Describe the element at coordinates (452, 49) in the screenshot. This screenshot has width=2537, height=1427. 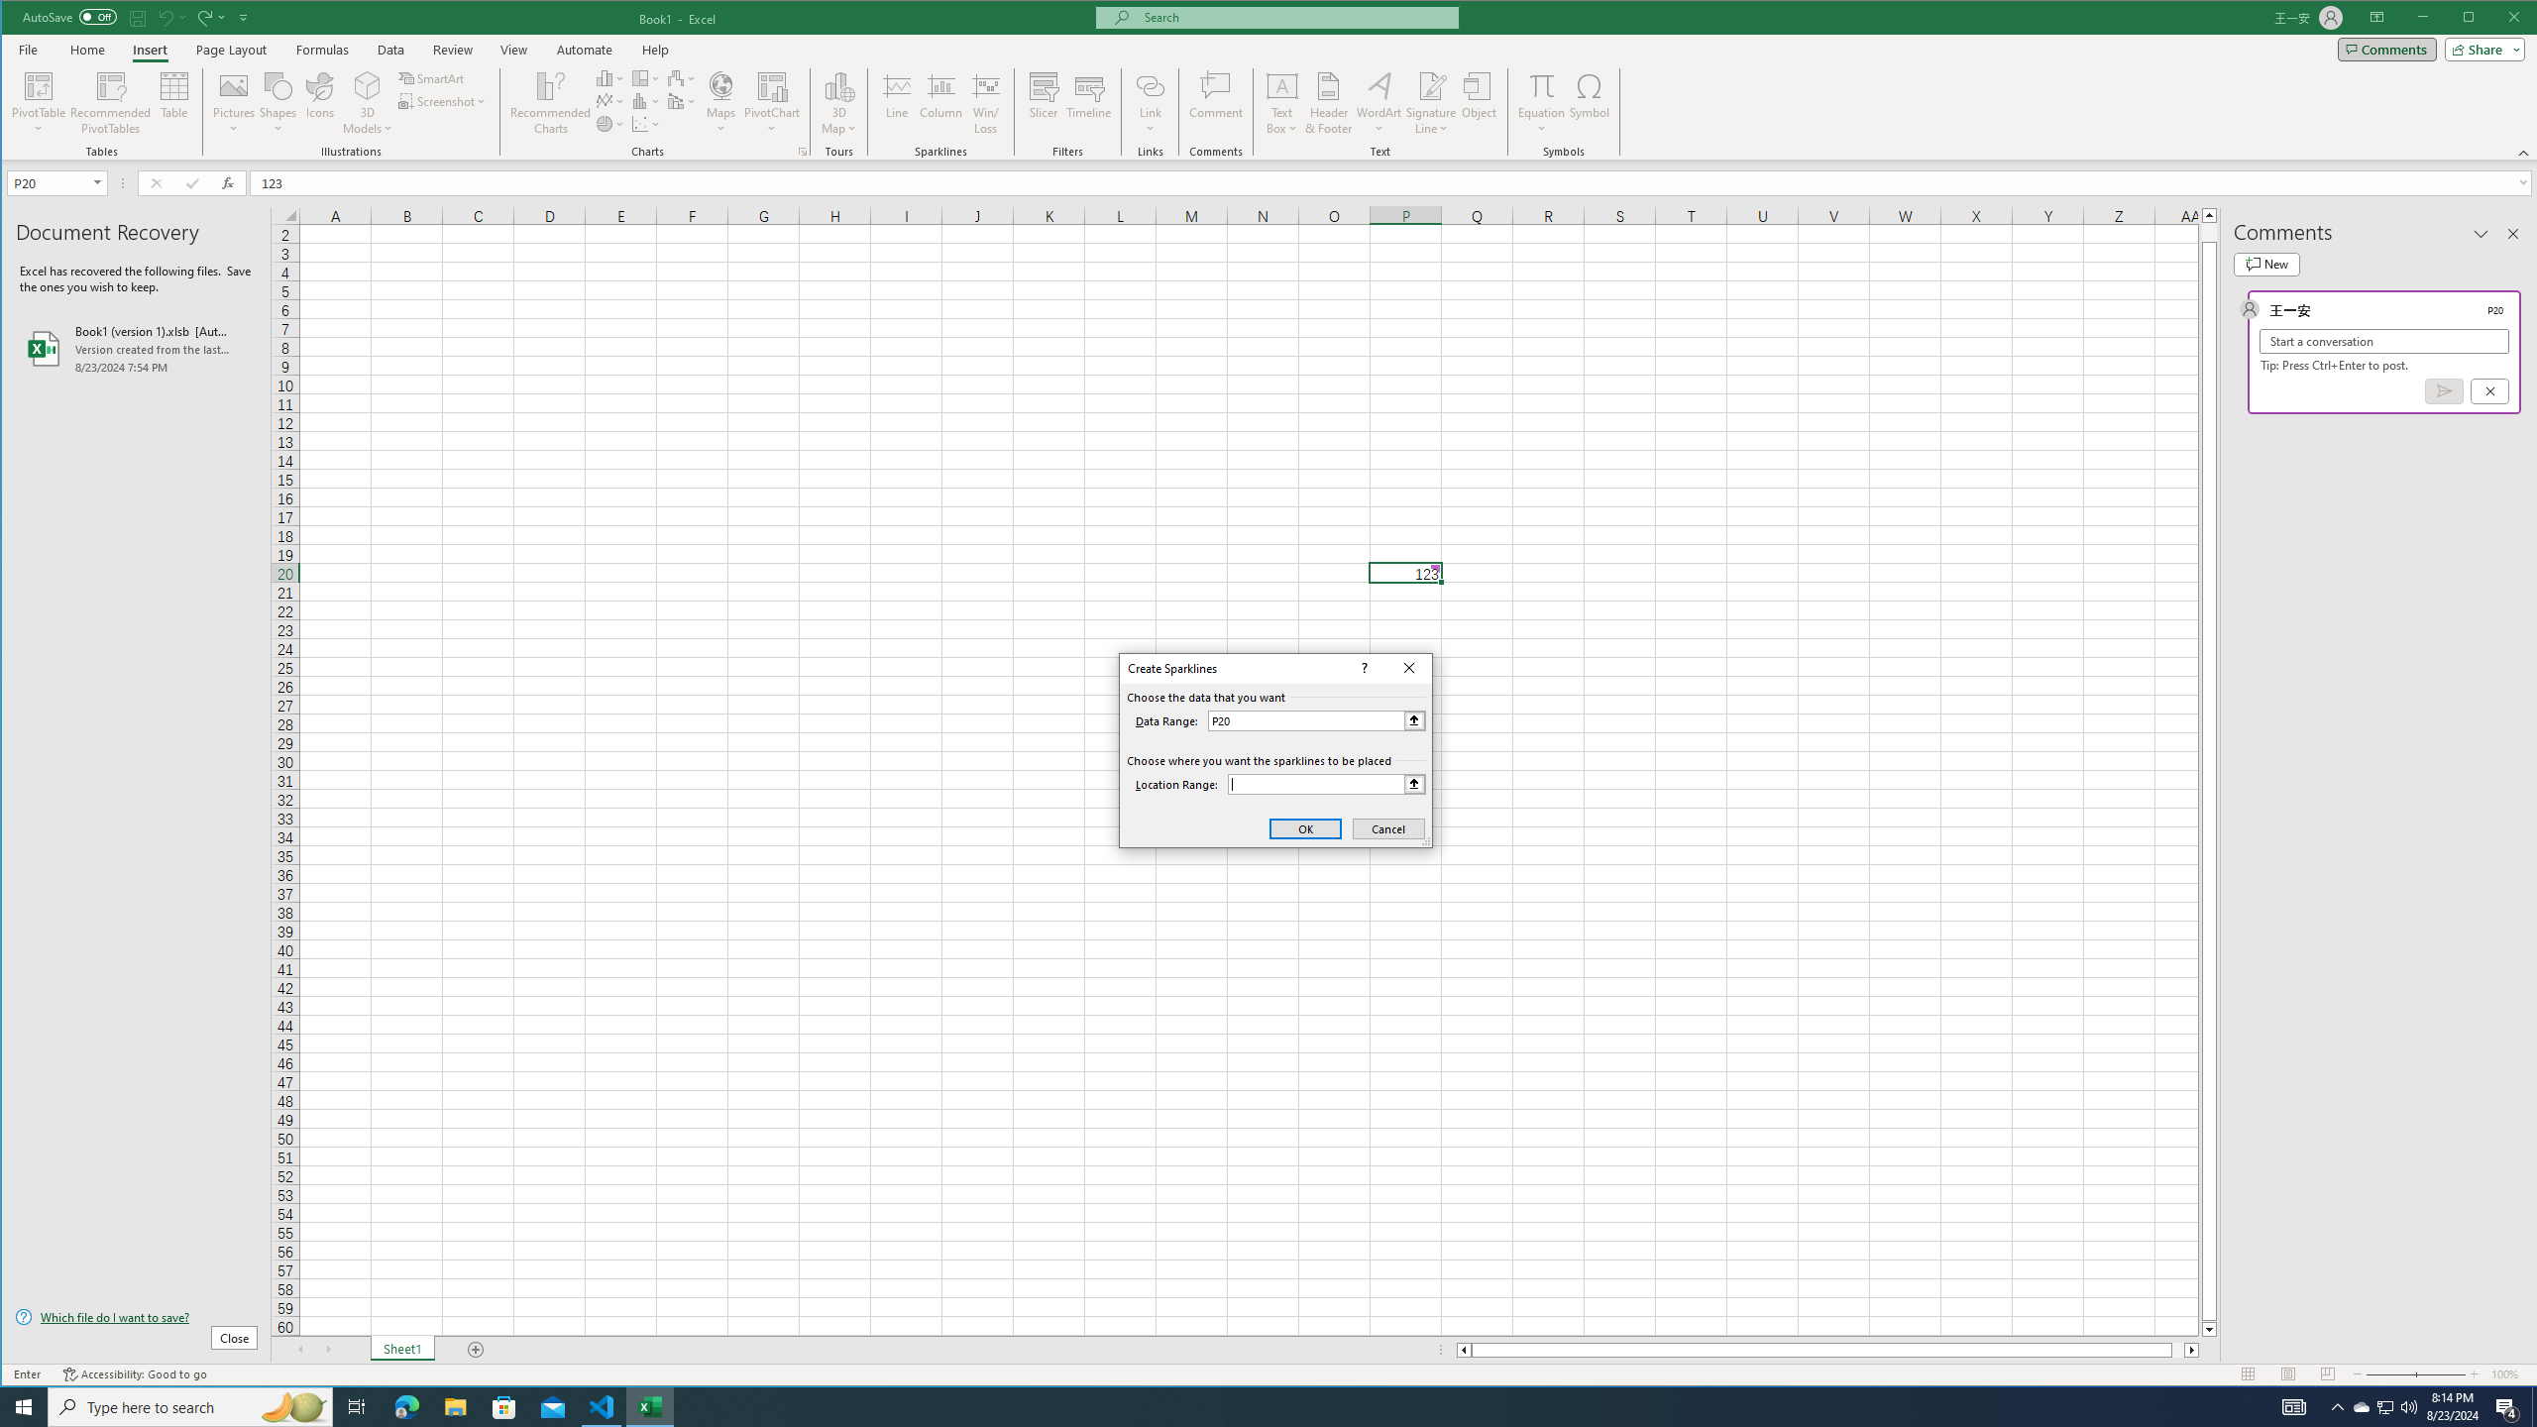
I see `'Review'` at that location.